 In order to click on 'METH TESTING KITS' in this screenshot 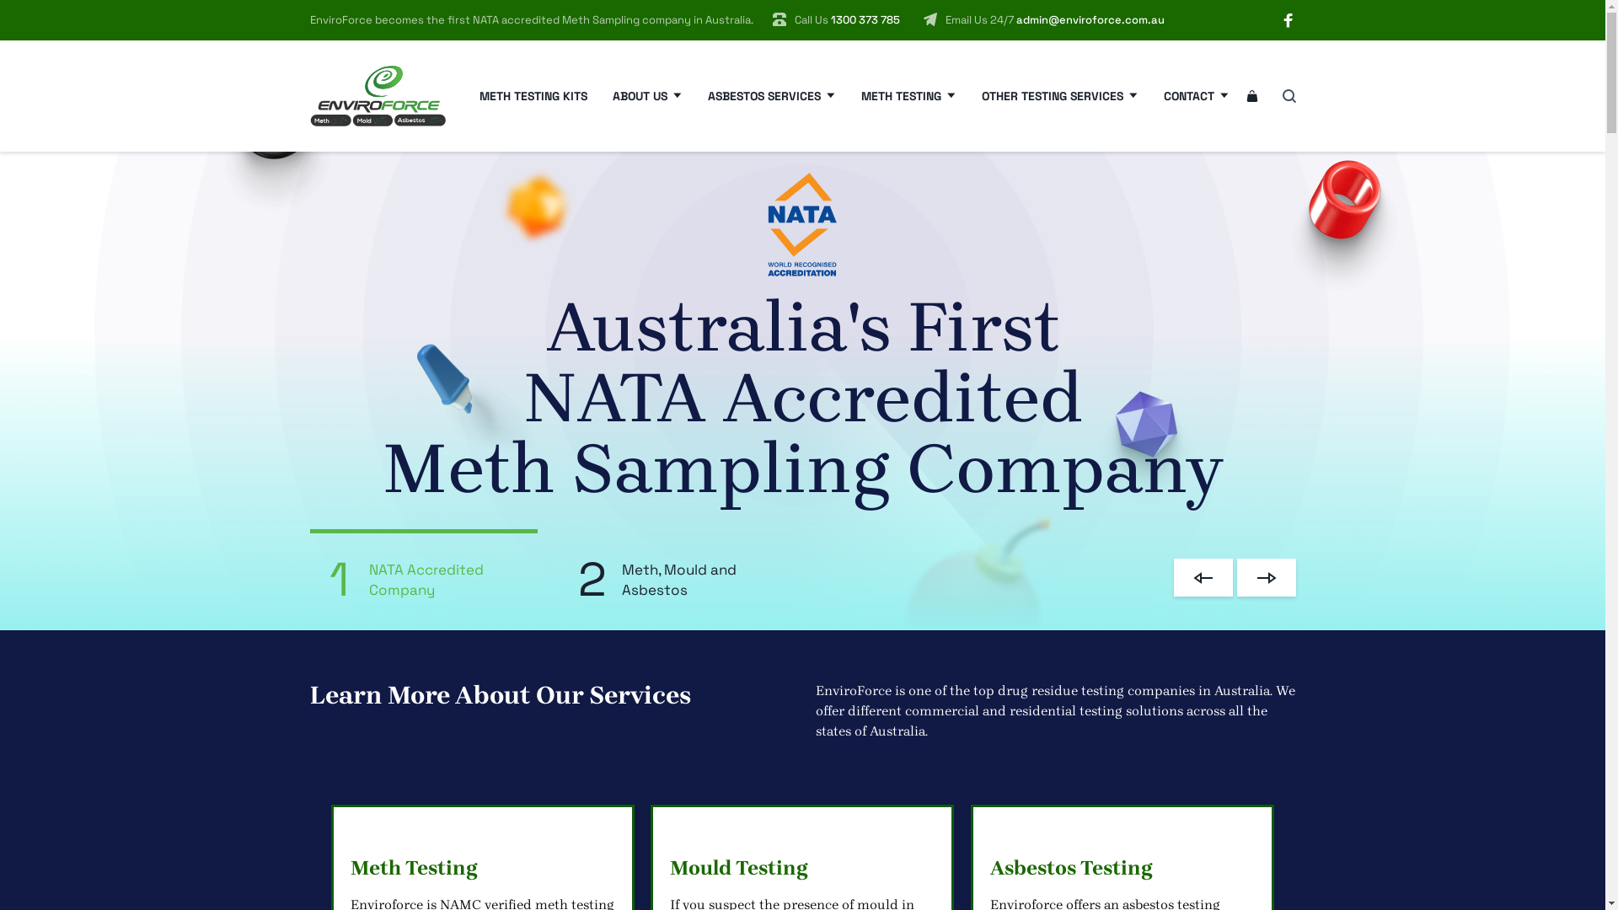, I will do `click(532, 96)`.